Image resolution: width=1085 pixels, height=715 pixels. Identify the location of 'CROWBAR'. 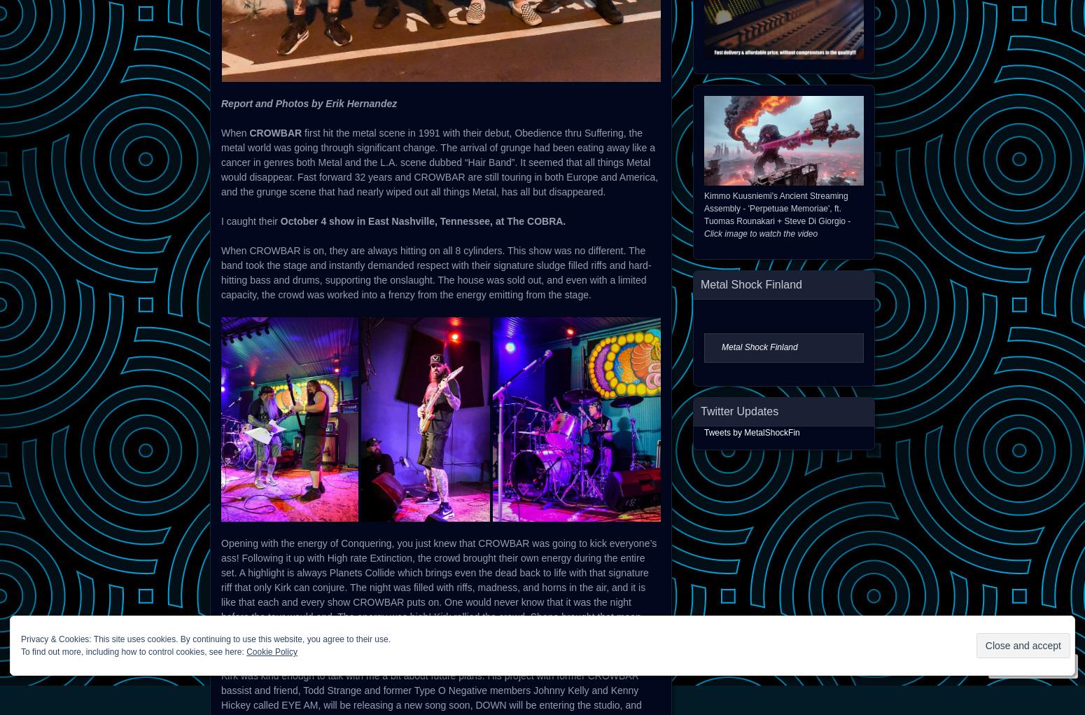
(248, 131).